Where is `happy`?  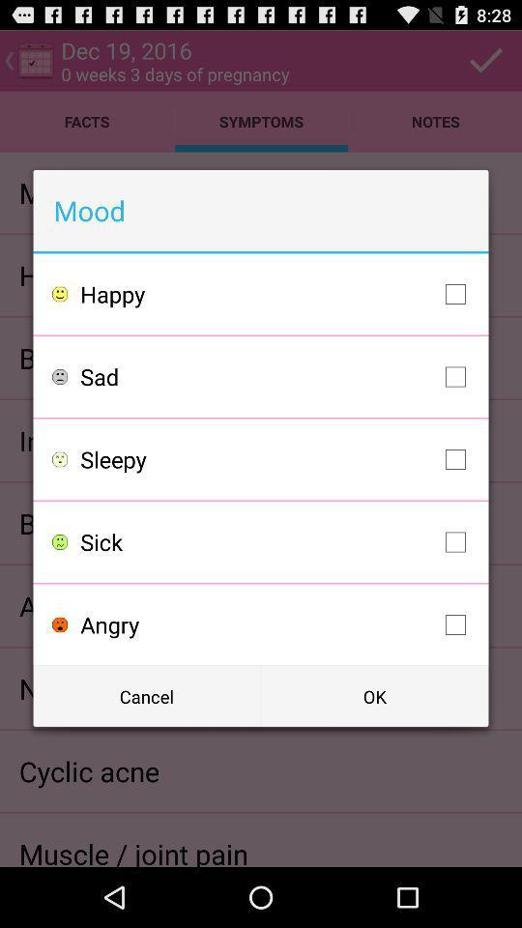
happy is located at coordinates (276, 294).